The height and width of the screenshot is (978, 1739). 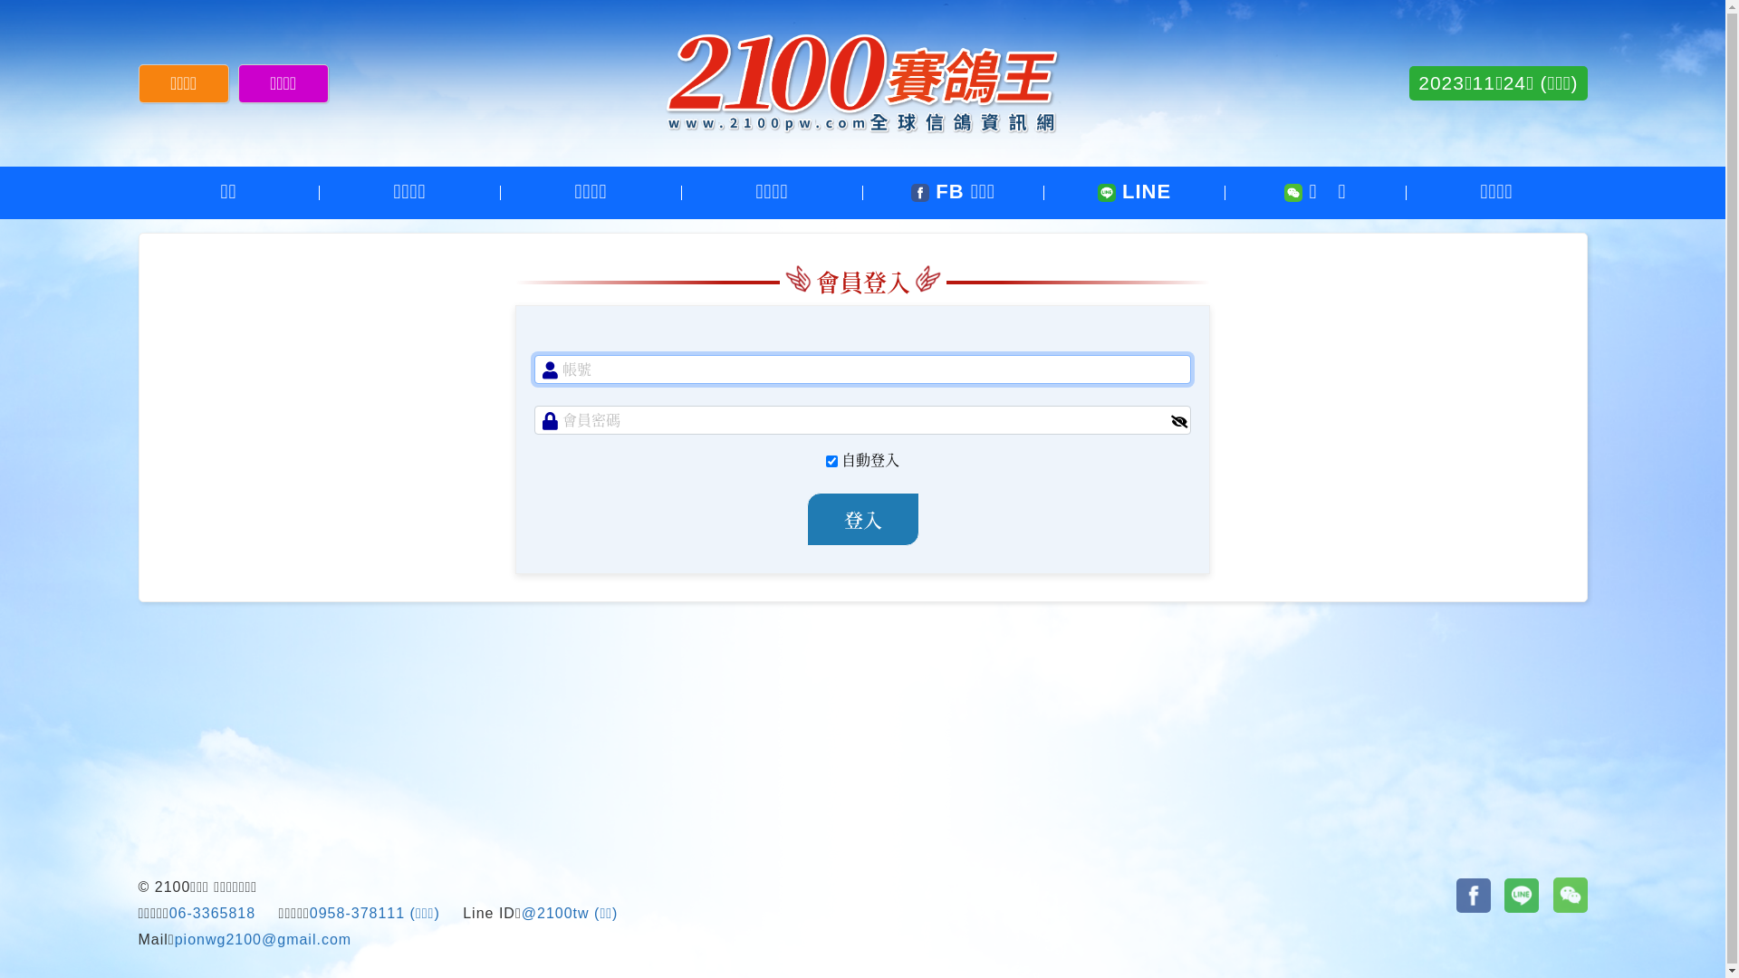 I want to click on 'line', so click(x=1522, y=894).